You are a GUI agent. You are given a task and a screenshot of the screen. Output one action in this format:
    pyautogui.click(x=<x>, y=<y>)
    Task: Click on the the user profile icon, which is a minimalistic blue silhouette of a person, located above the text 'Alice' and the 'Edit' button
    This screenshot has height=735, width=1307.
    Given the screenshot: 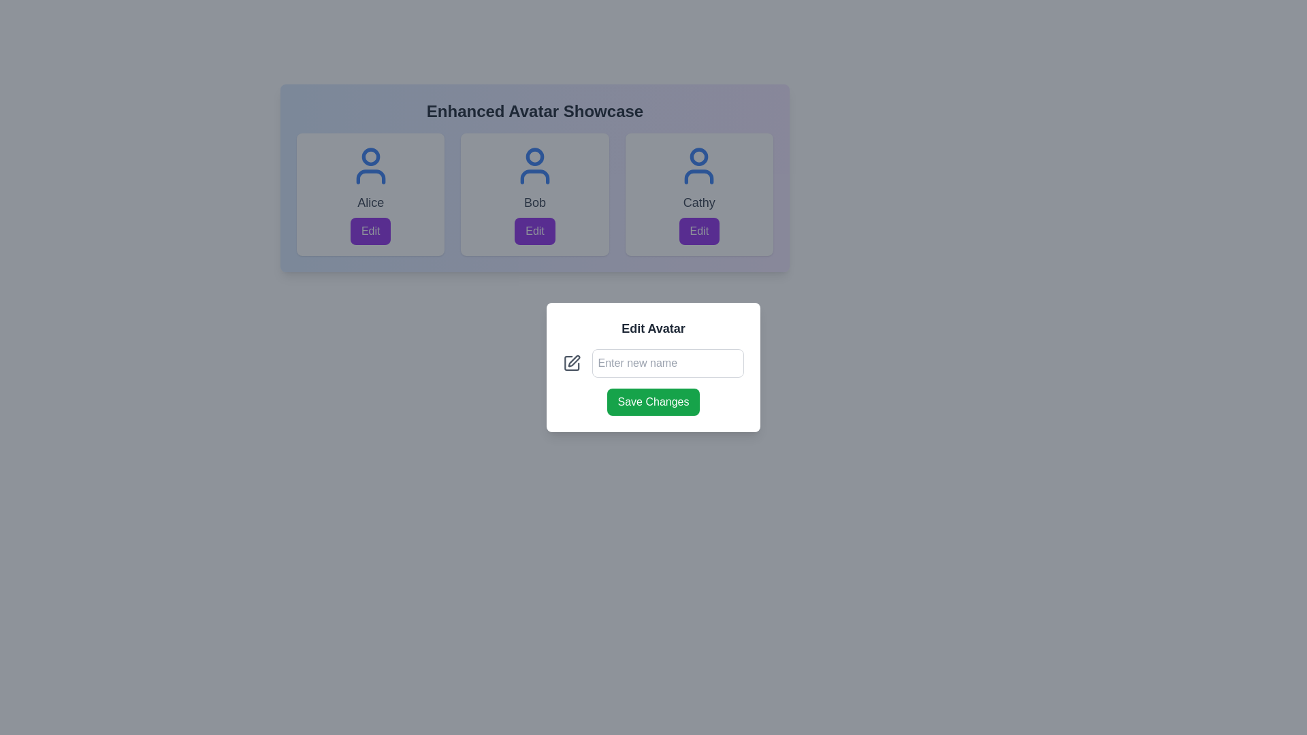 What is the action you would take?
    pyautogui.click(x=370, y=165)
    